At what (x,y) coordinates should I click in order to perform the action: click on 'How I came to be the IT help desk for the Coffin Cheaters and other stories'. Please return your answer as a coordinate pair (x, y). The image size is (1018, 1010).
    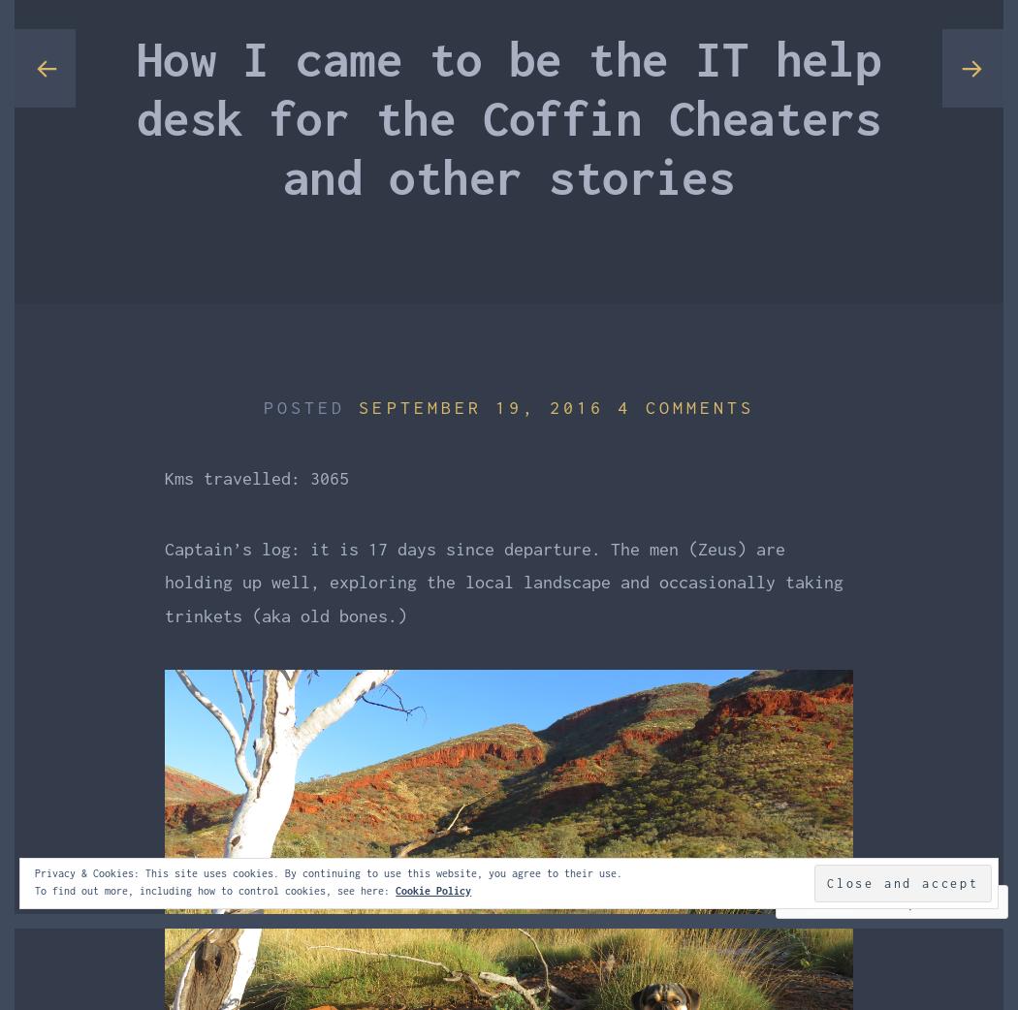
    Looking at the image, I should click on (507, 116).